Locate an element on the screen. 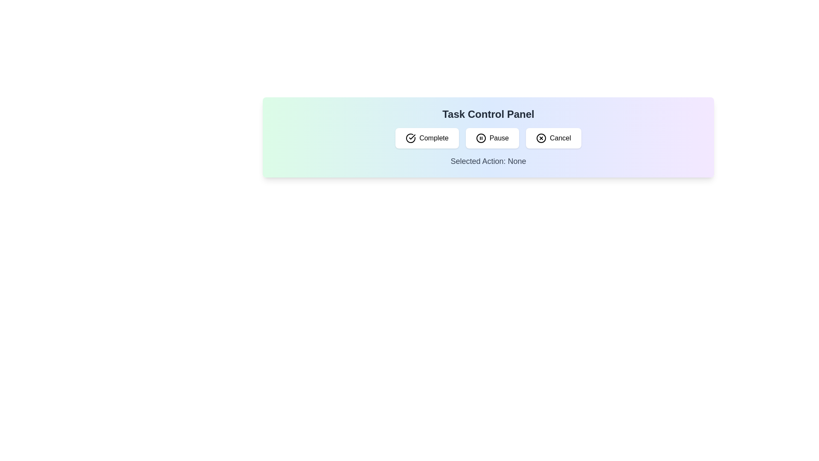  the cancel button located in the 'Task Control Panel' is located at coordinates (553, 138).